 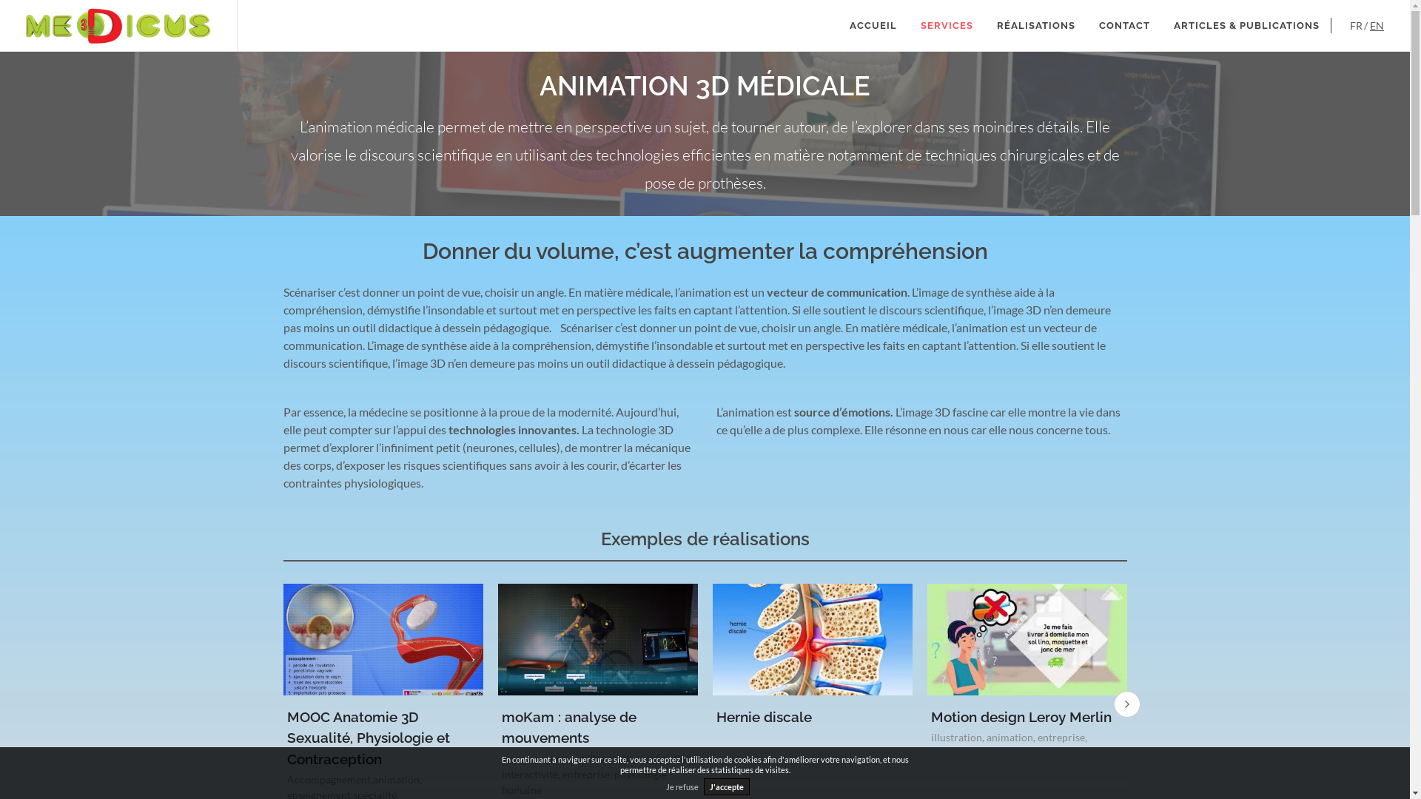 I want to click on 'J'accepte', so click(x=725, y=786).